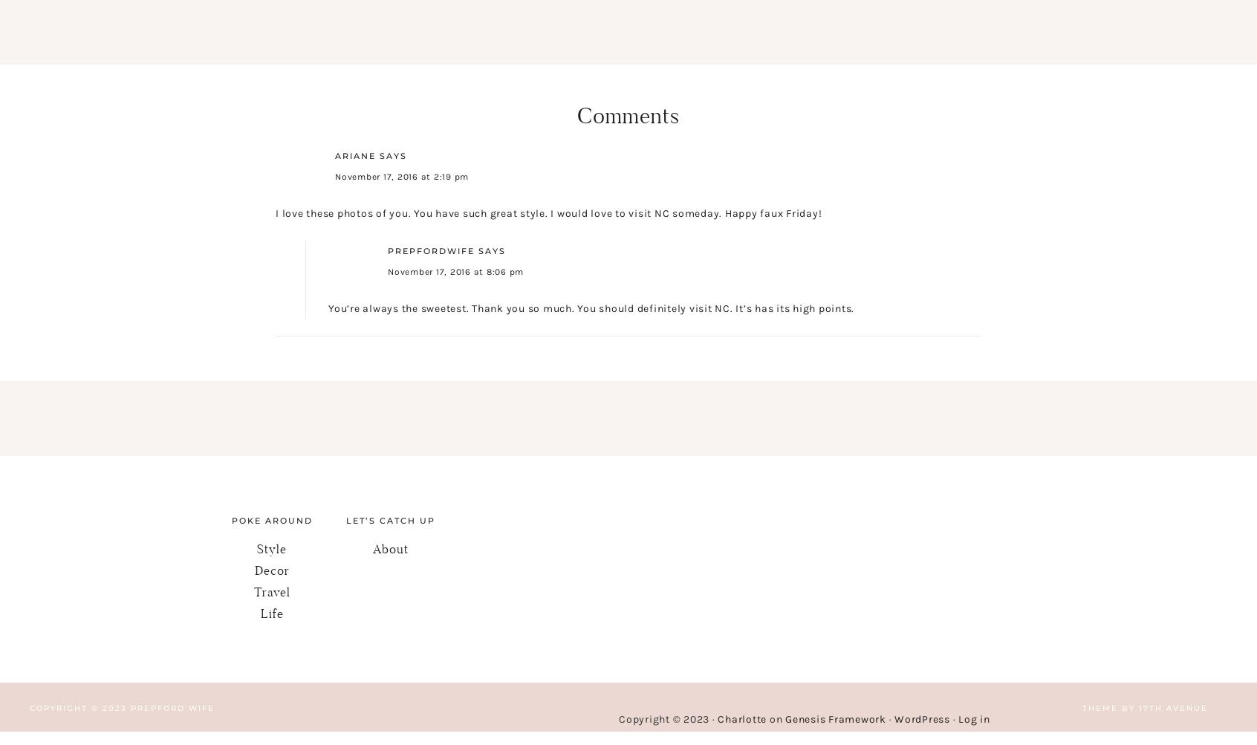  What do you see at coordinates (271, 591) in the screenshot?
I see `'Travel'` at bounding box center [271, 591].